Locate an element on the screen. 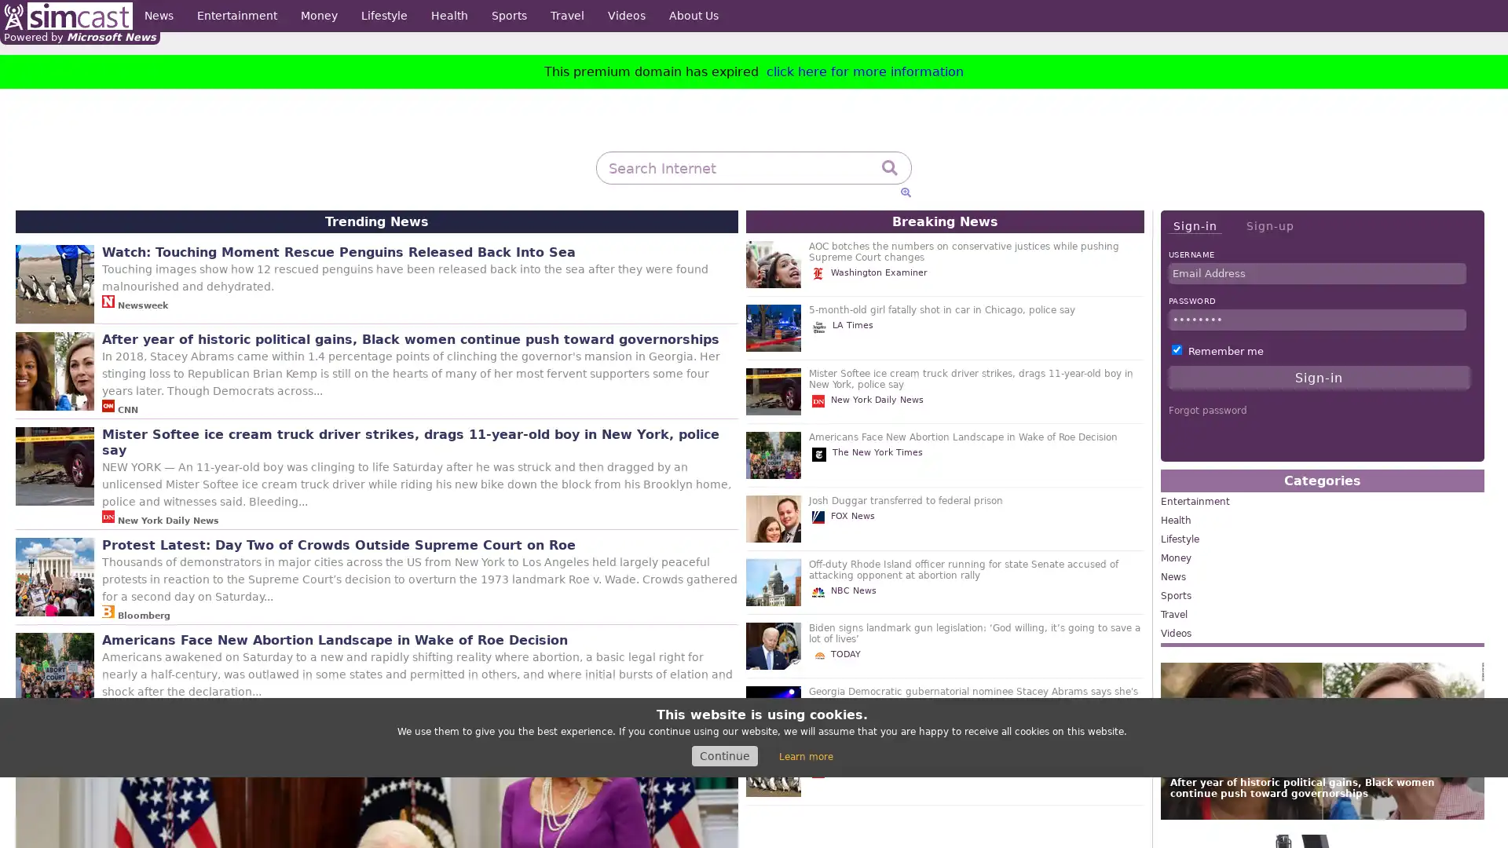 Image resolution: width=1508 pixels, height=848 pixels. Sign-in is located at coordinates (1194, 226).